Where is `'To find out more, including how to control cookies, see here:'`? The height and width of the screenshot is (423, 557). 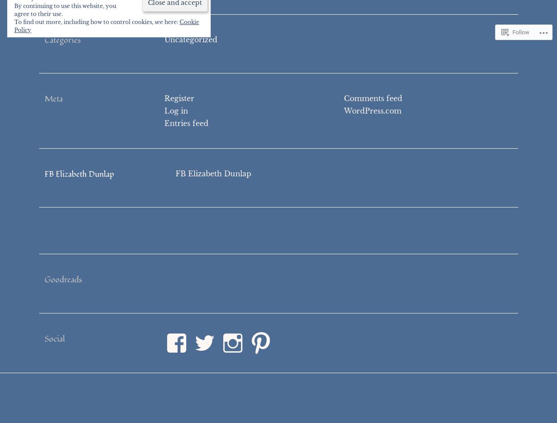 'To find out more, including how to control cookies, see here:' is located at coordinates (96, 22).